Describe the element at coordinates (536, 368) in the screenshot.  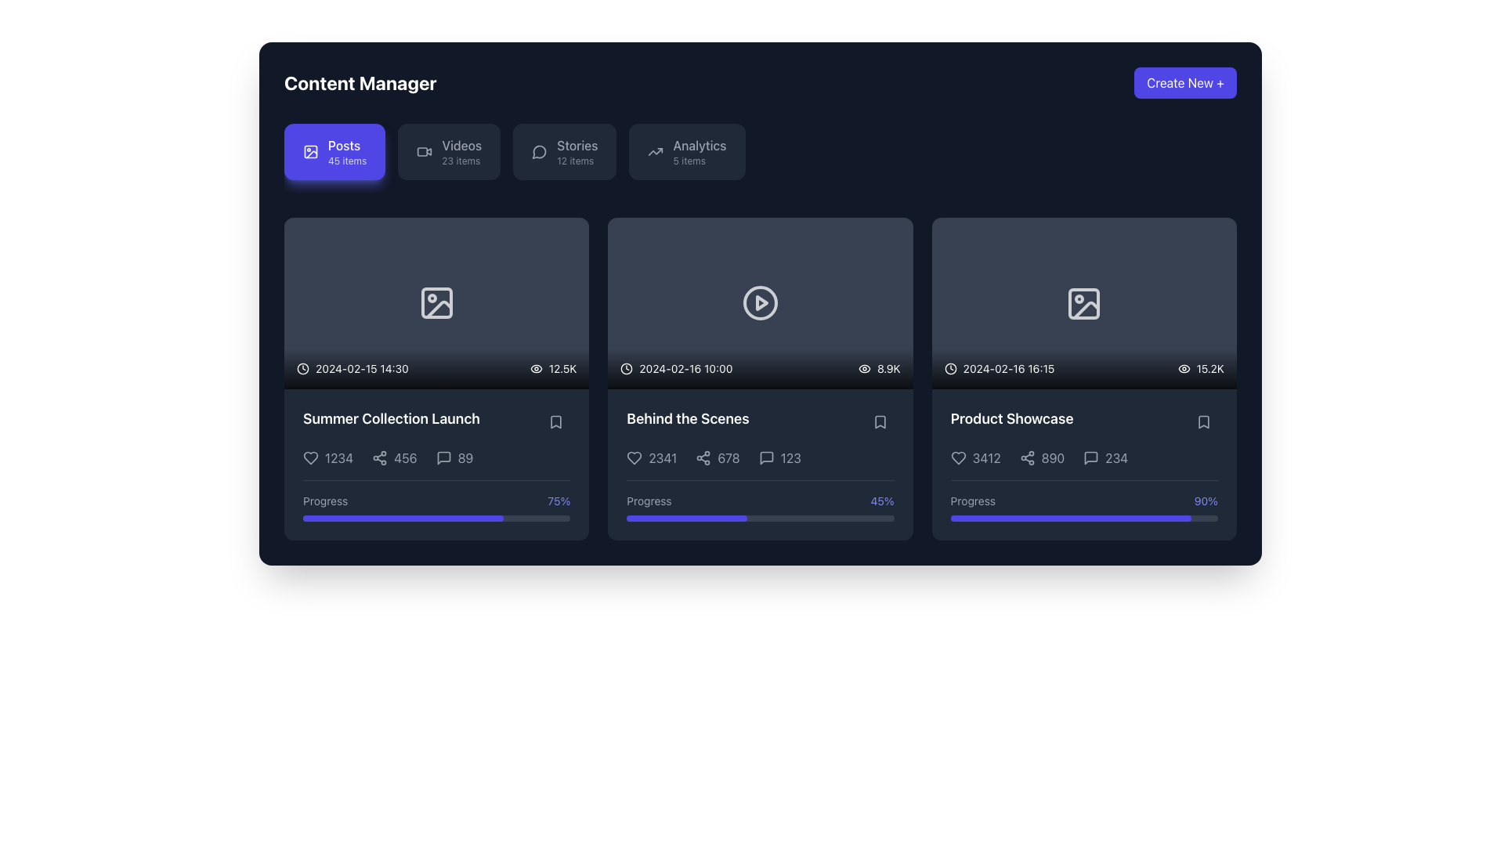
I see `the eye icon, which serves as a visibility indicator, located on the left side next to the text '12.5K'` at that location.